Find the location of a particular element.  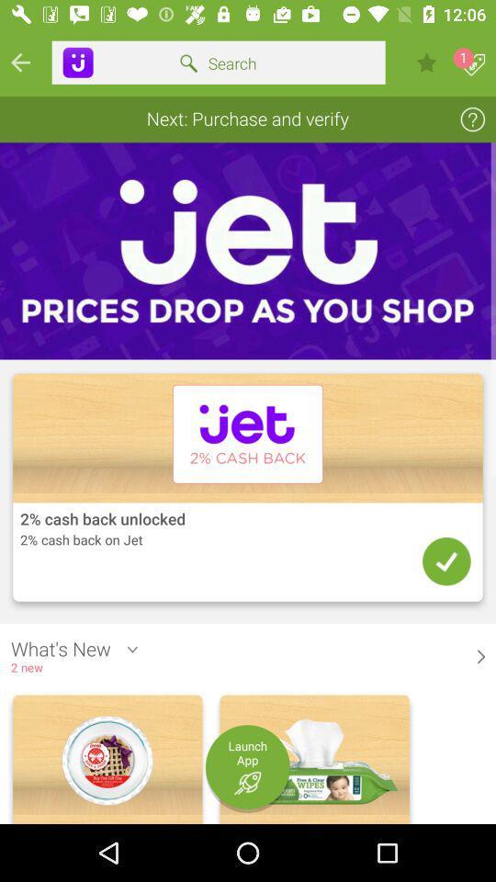

the left arrow at top left corner of the page is located at coordinates (19, 62).